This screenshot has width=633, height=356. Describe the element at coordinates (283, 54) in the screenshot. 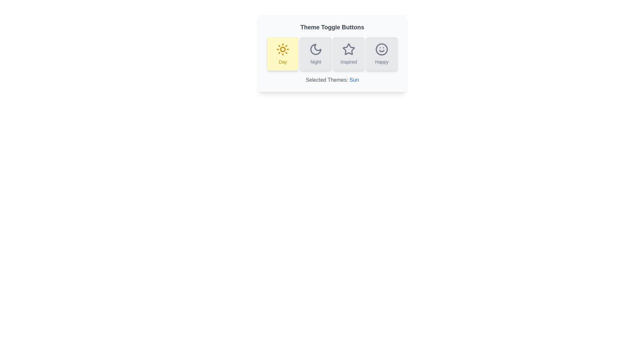

I see `the first button from the left that activates the 'day' theme` at that location.